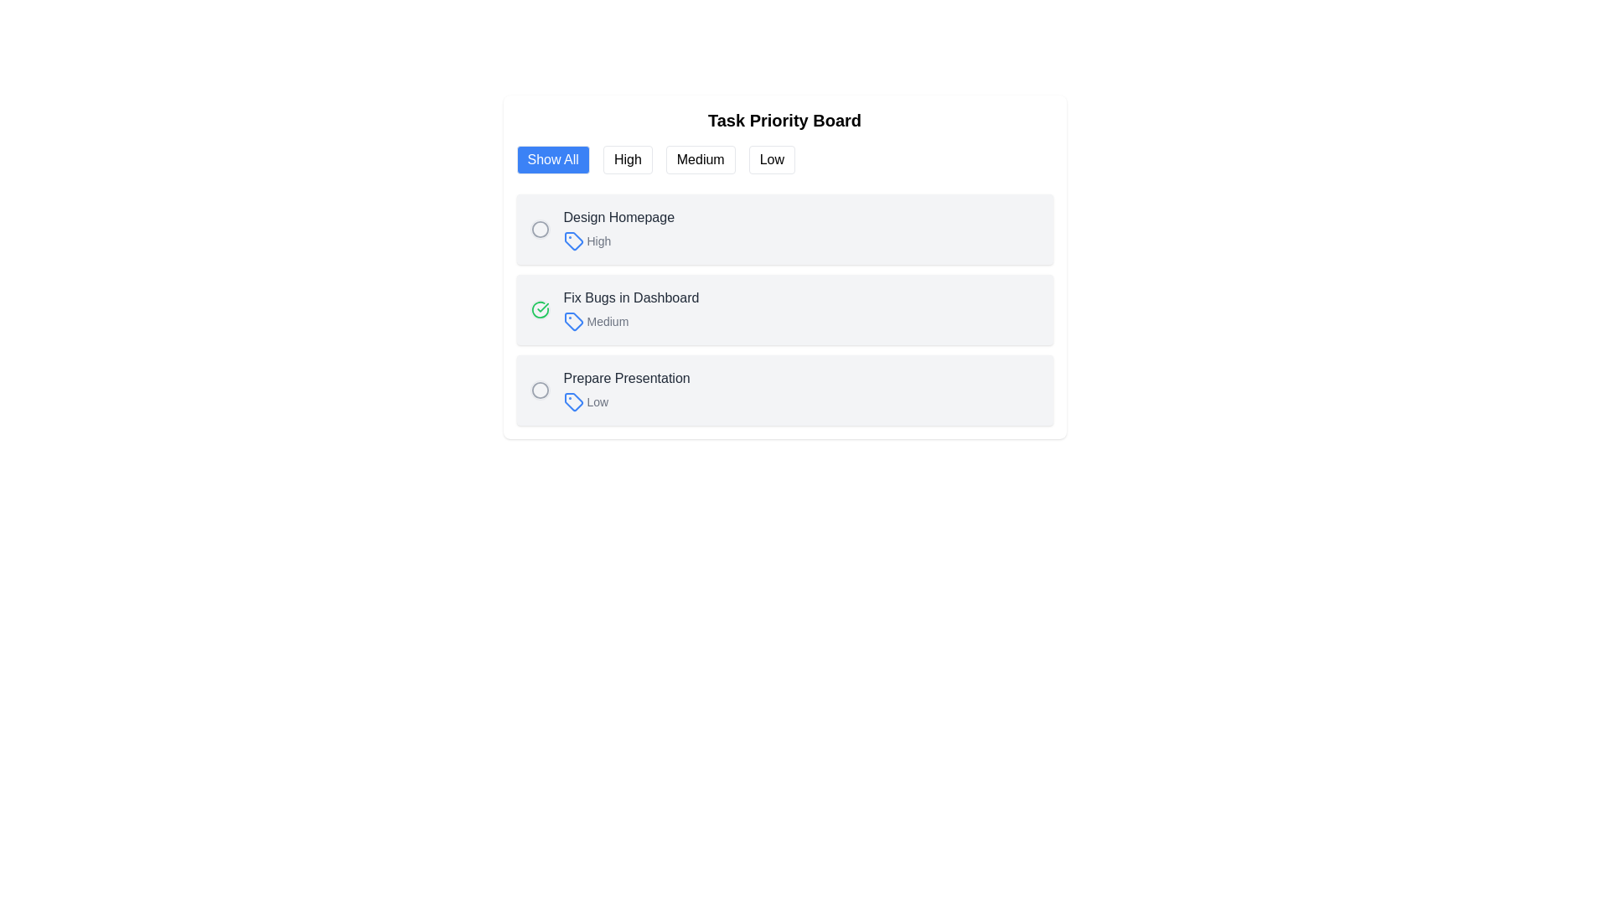 This screenshot has width=1609, height=905. Describe the element at coordinates (540, 229) in the screenshot. I see `the circular status marker located in the topmost task item row under the 'Task Priority Board' heading, positioned to the left of the 'Design Homepage' text` at that location.